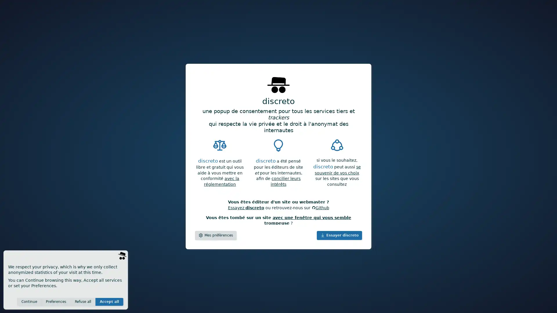  I want to click on Refuse all, so click(83, 301).